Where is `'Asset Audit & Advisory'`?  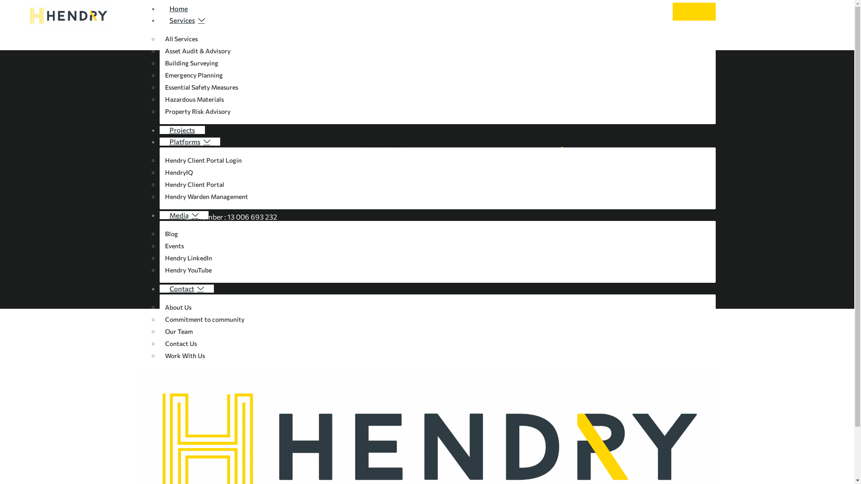 'Asset Audit & Advisory' is located at coordinates (197, 51).